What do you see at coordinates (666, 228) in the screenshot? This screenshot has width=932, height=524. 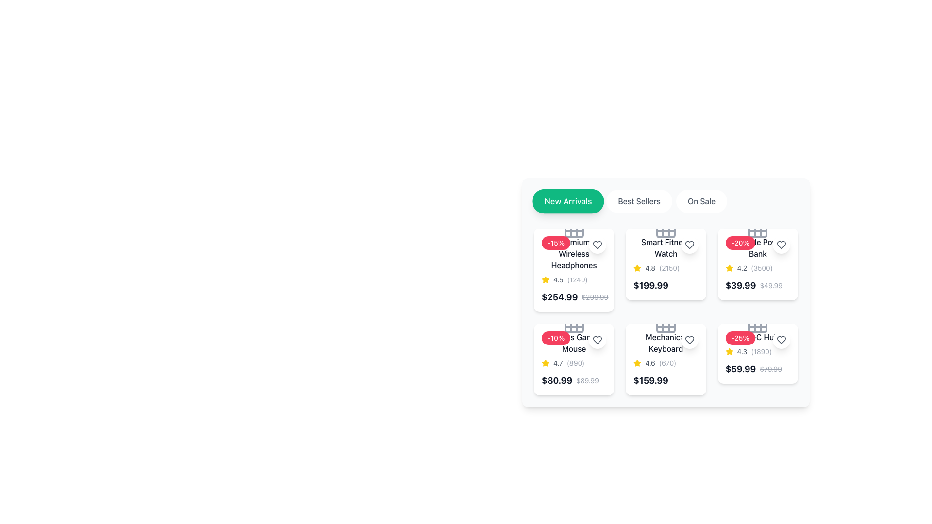 I see `the grid or calendar icon located above the product title for 'Smart Fitness Watch' in the second card of the first row of the product grid` at bounding box center [666, 228].